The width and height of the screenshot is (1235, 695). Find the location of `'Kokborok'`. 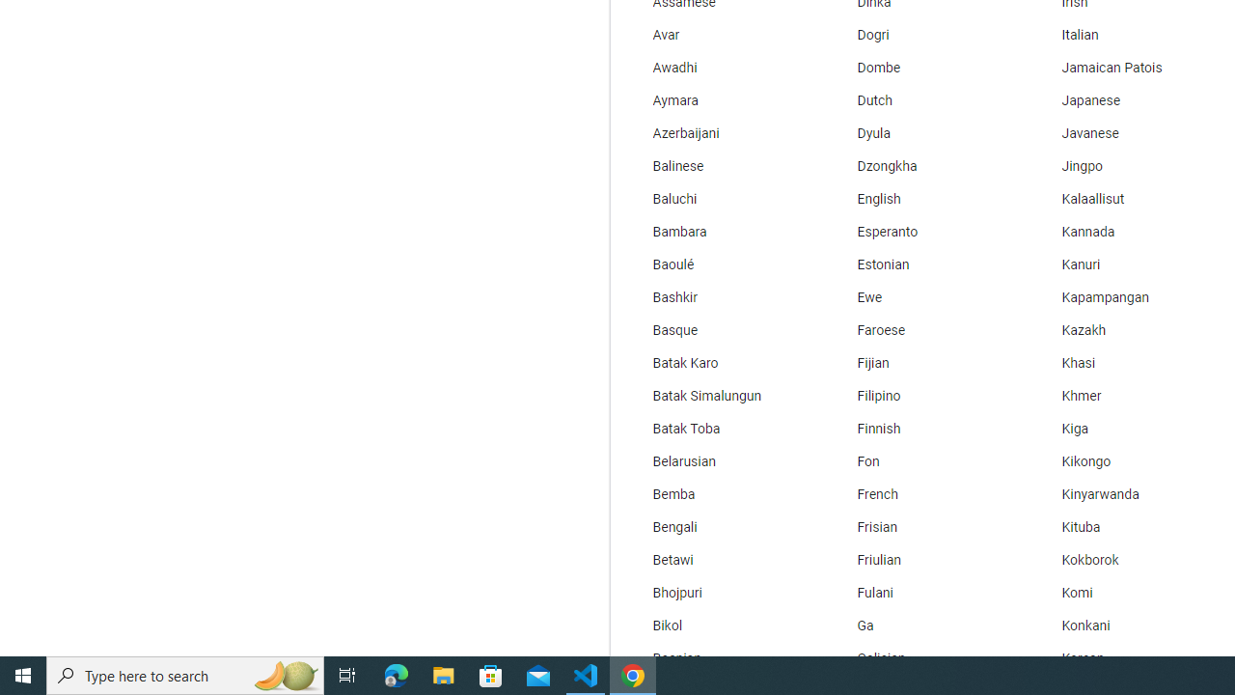

'Kokborok' is located at coordinates (1128, 561).